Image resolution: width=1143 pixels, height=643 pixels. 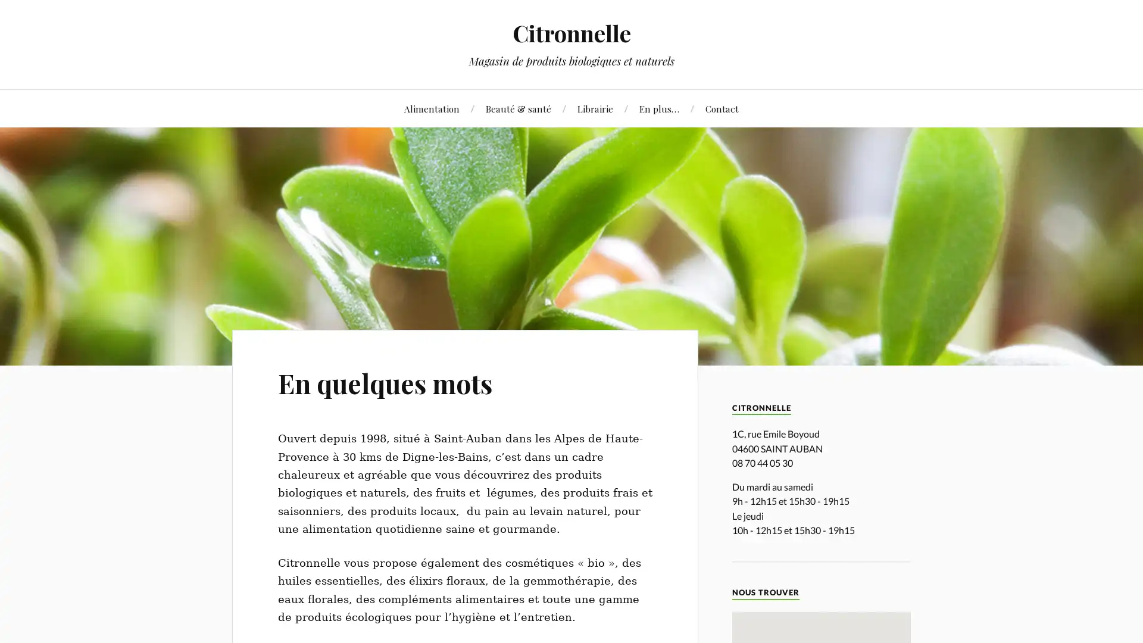 I want to click on Toggle fullscreen view, so click(x=982, y=628).